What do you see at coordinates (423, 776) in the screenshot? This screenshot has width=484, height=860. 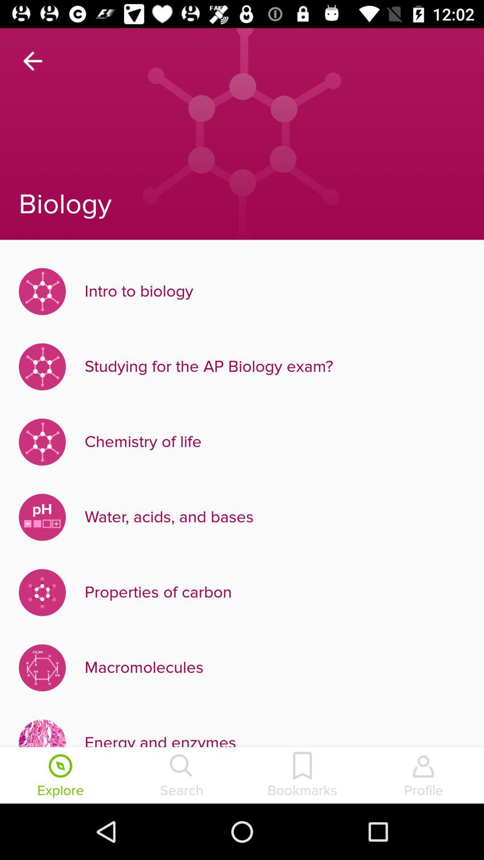 I see `item at the bottom right corner` at bounding box center [423, 776].